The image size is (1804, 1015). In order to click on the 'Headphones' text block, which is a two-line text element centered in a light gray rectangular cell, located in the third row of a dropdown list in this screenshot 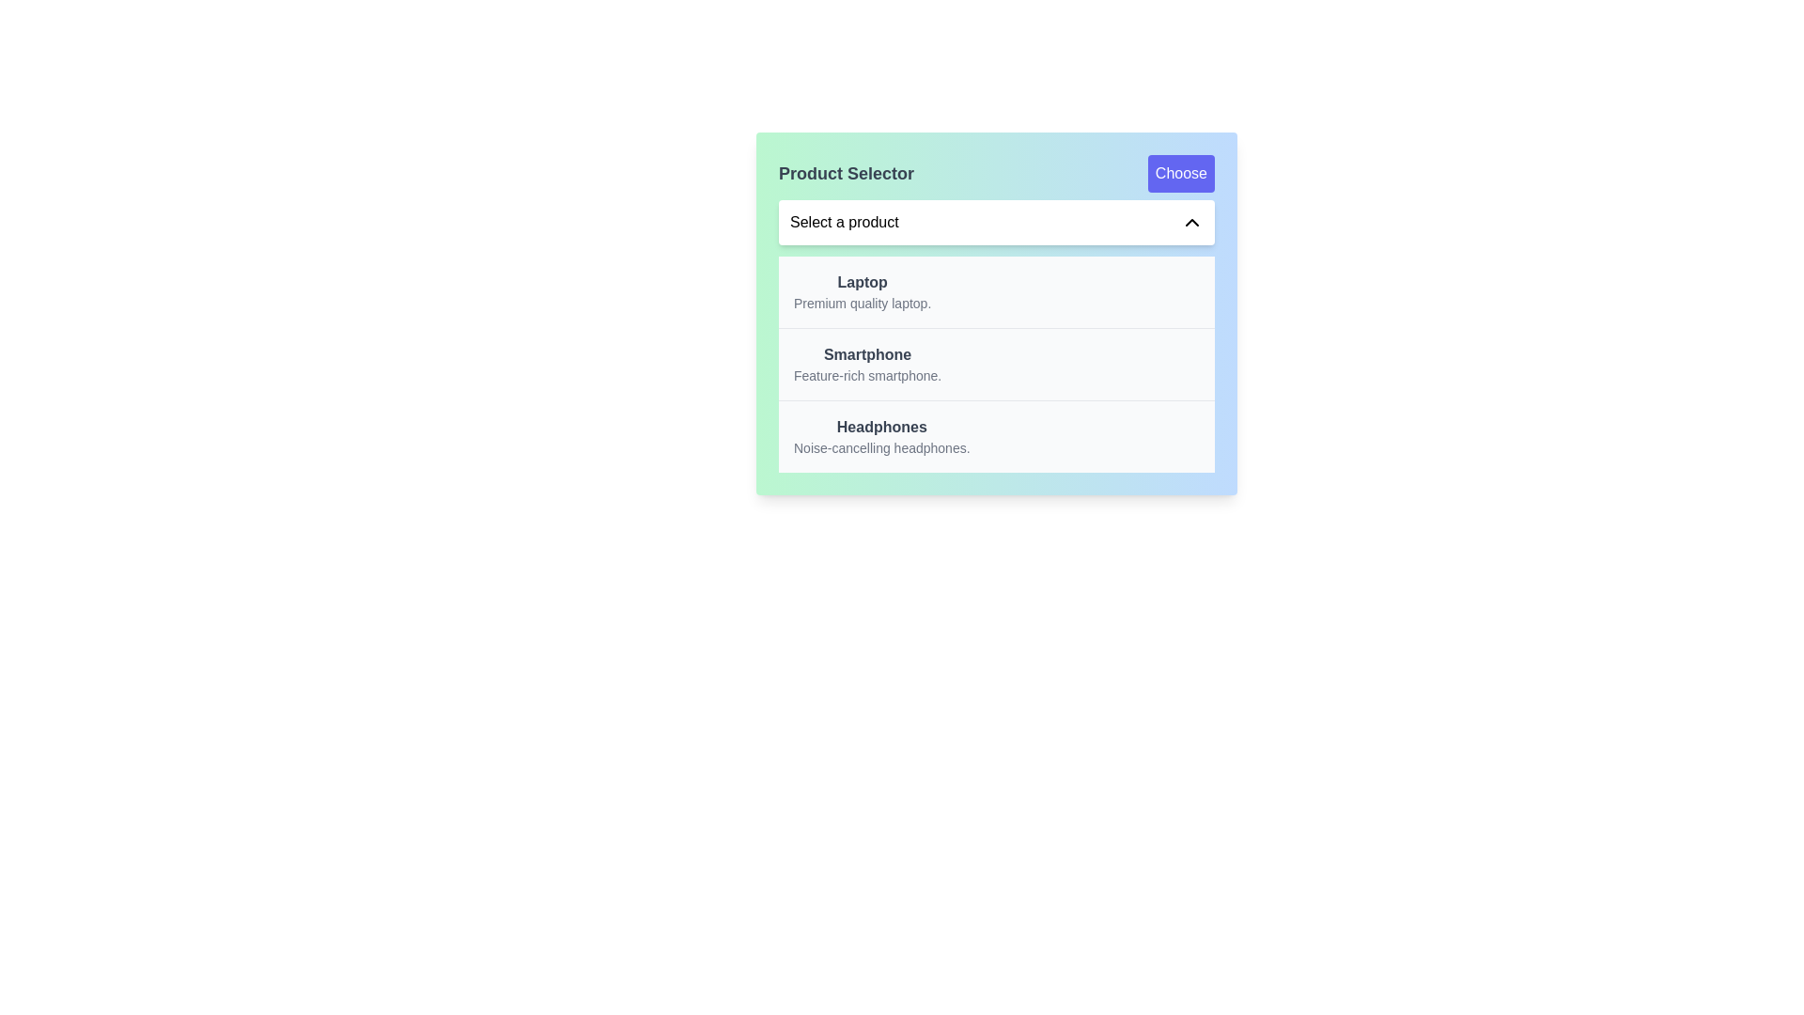, I will do `click(880, 437)`.